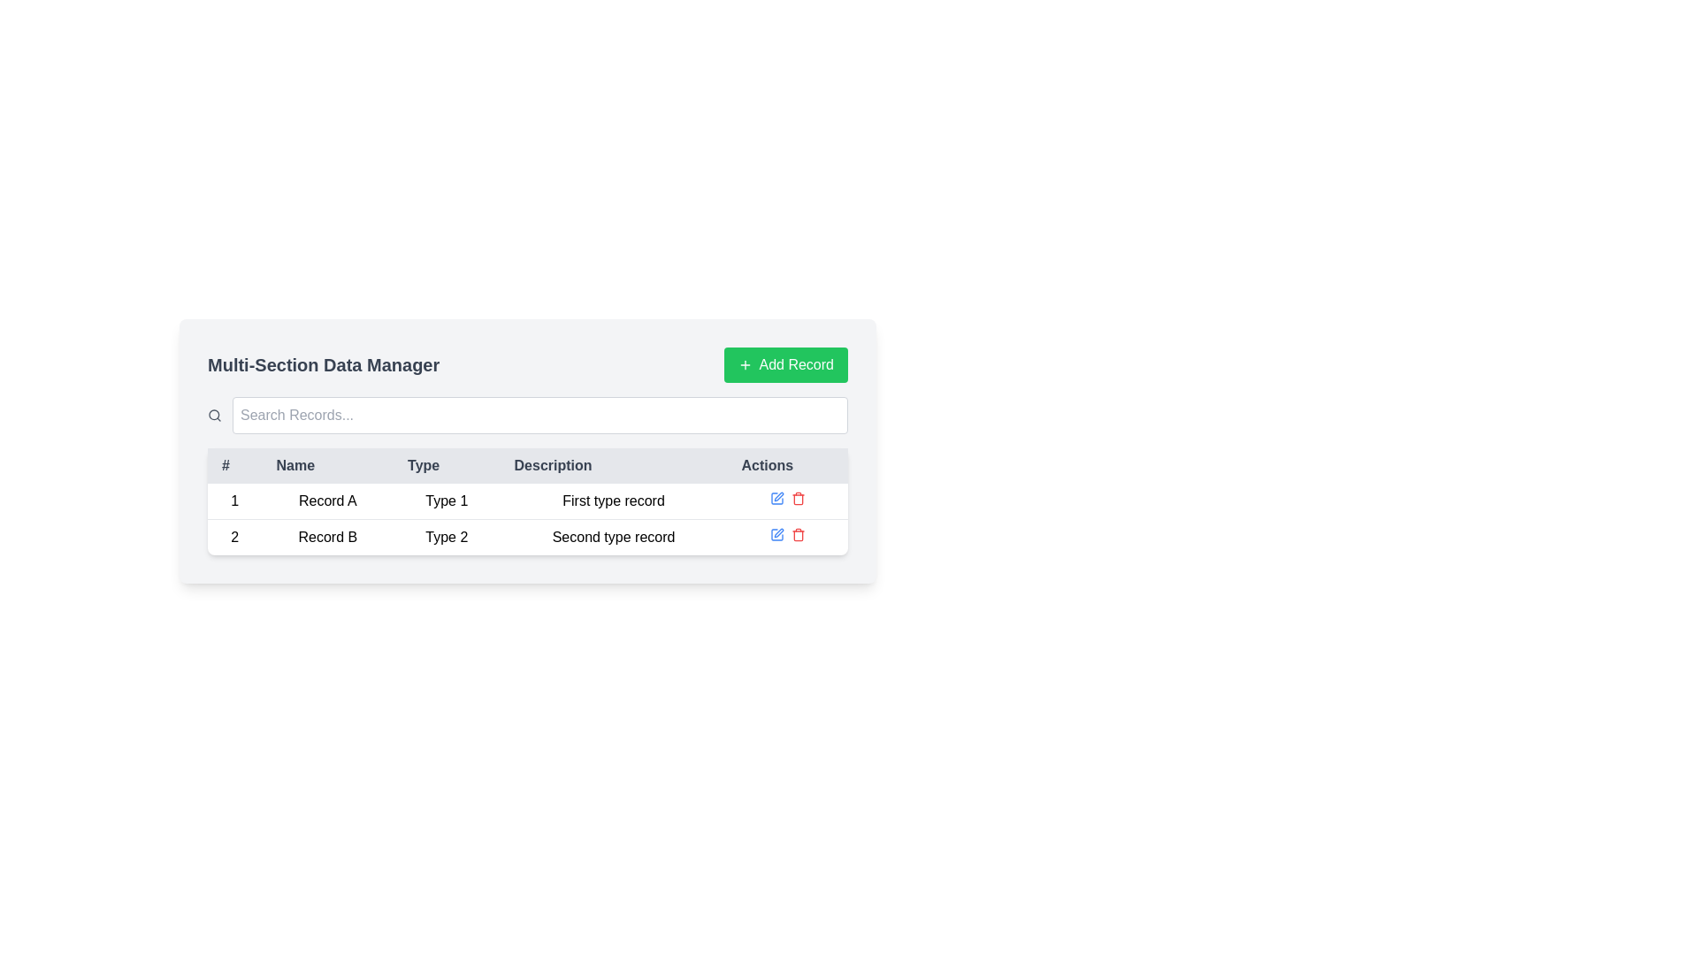  Describe the element at coordinates (776, 534) in the screenshot. I see `the edit icon button located in the first row of the table under the 'Actions' column, immediately to the left of the red trash bin icon` at that location.